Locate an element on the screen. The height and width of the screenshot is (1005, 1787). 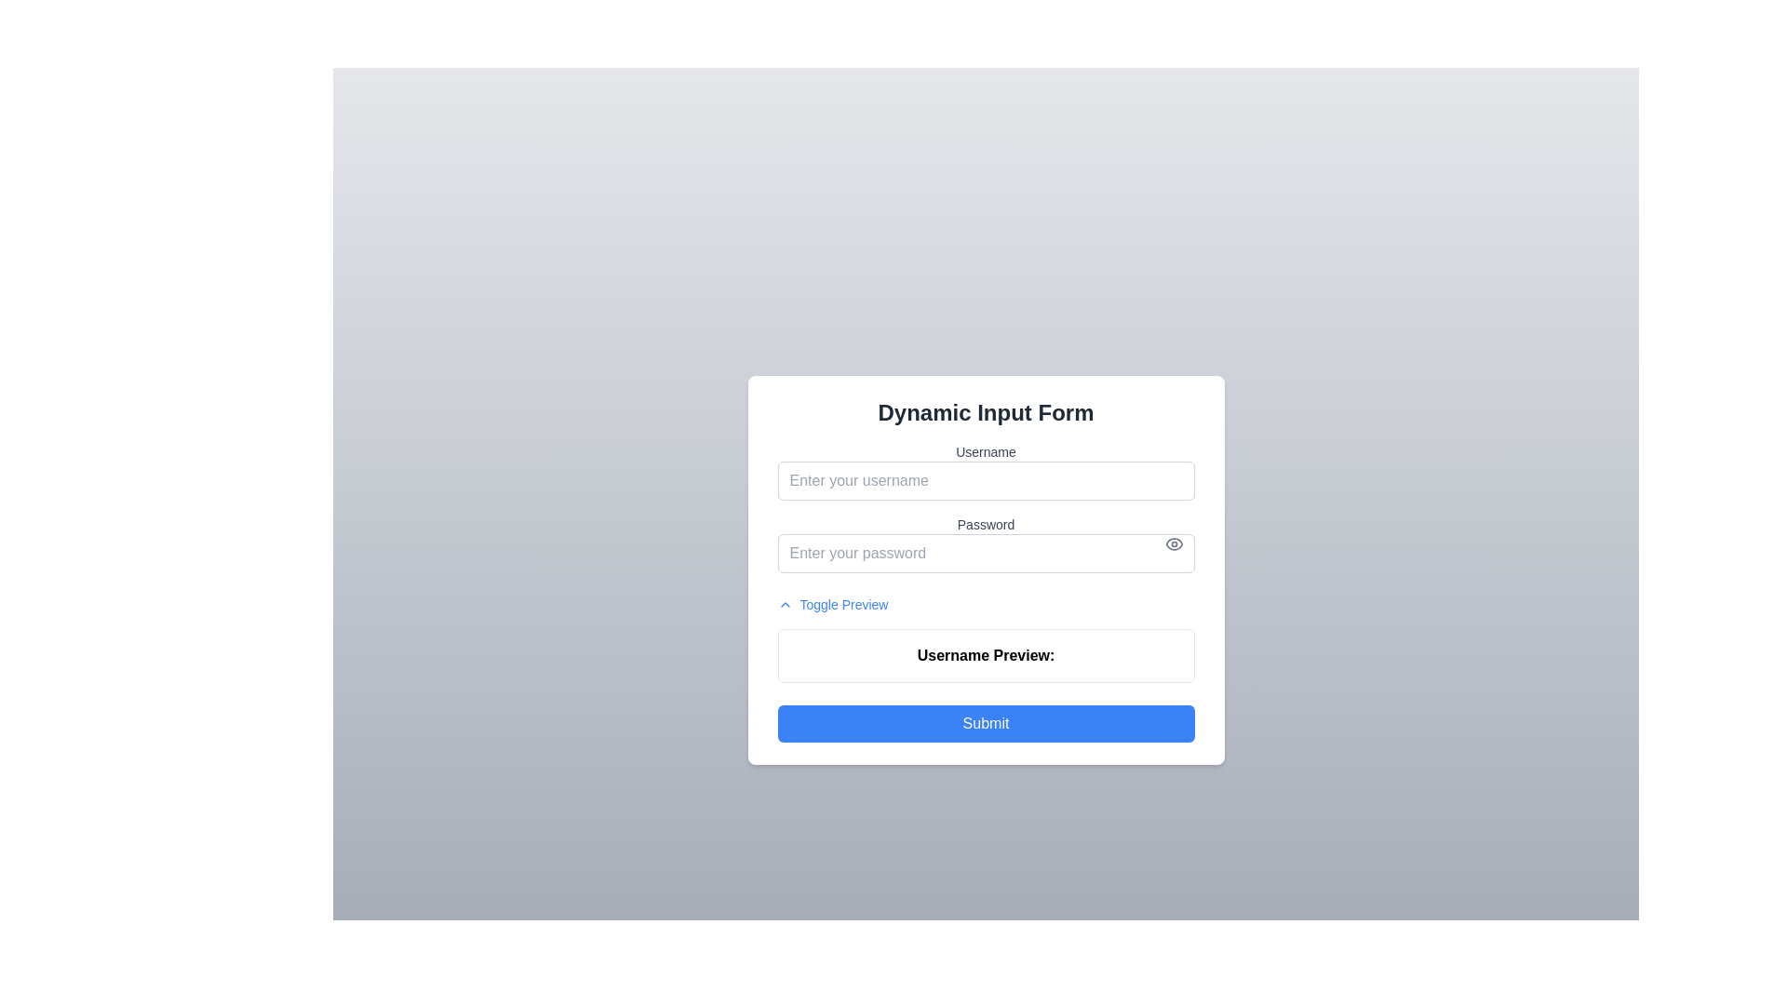
the 'Submit' button, which is a rectangular button with white text on a blue background, located at the bottom of the form interface is located at coordinates (985, 723).